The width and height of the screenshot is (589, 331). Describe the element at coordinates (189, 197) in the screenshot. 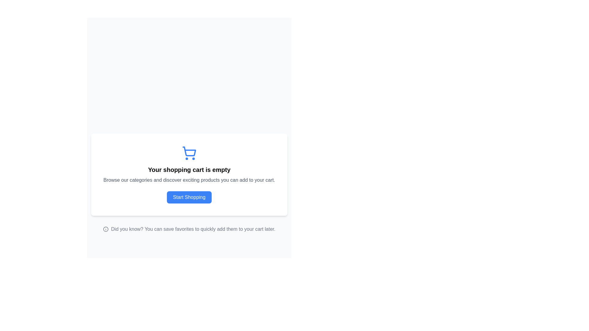

I see `the 'Start Shopping' button, which is a rectangular button with a blue background and white text, located at the bottom of the card indicating an empty shopping cart` at that location.